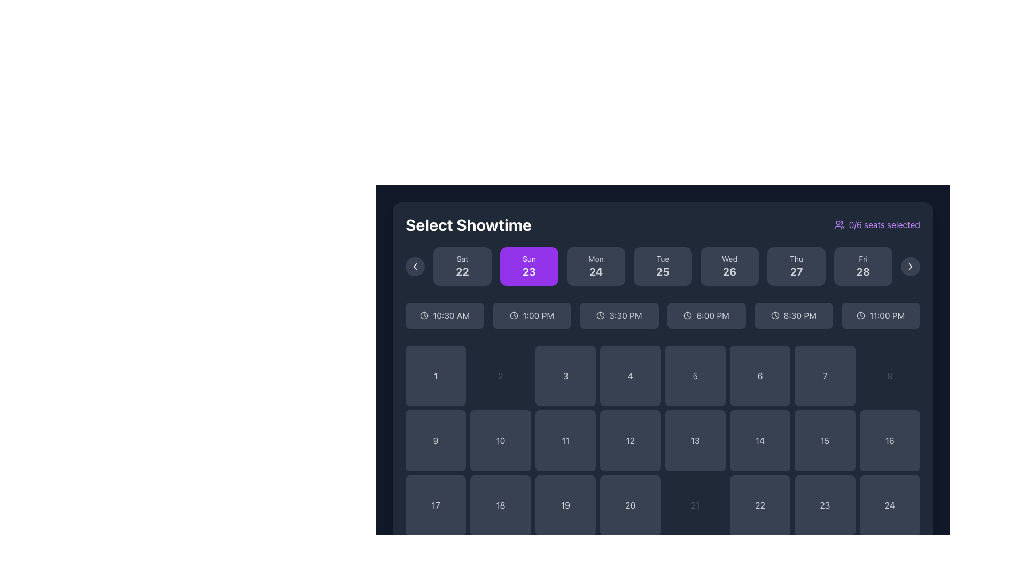 Image resolution: width=1026 pixels, height=577 pixels. Describe the element at coordinates (630, 375) in the screenshot. I see `the button labeled '4', which is the fourth item in a grid of buttons, for visual feedback` at that location.